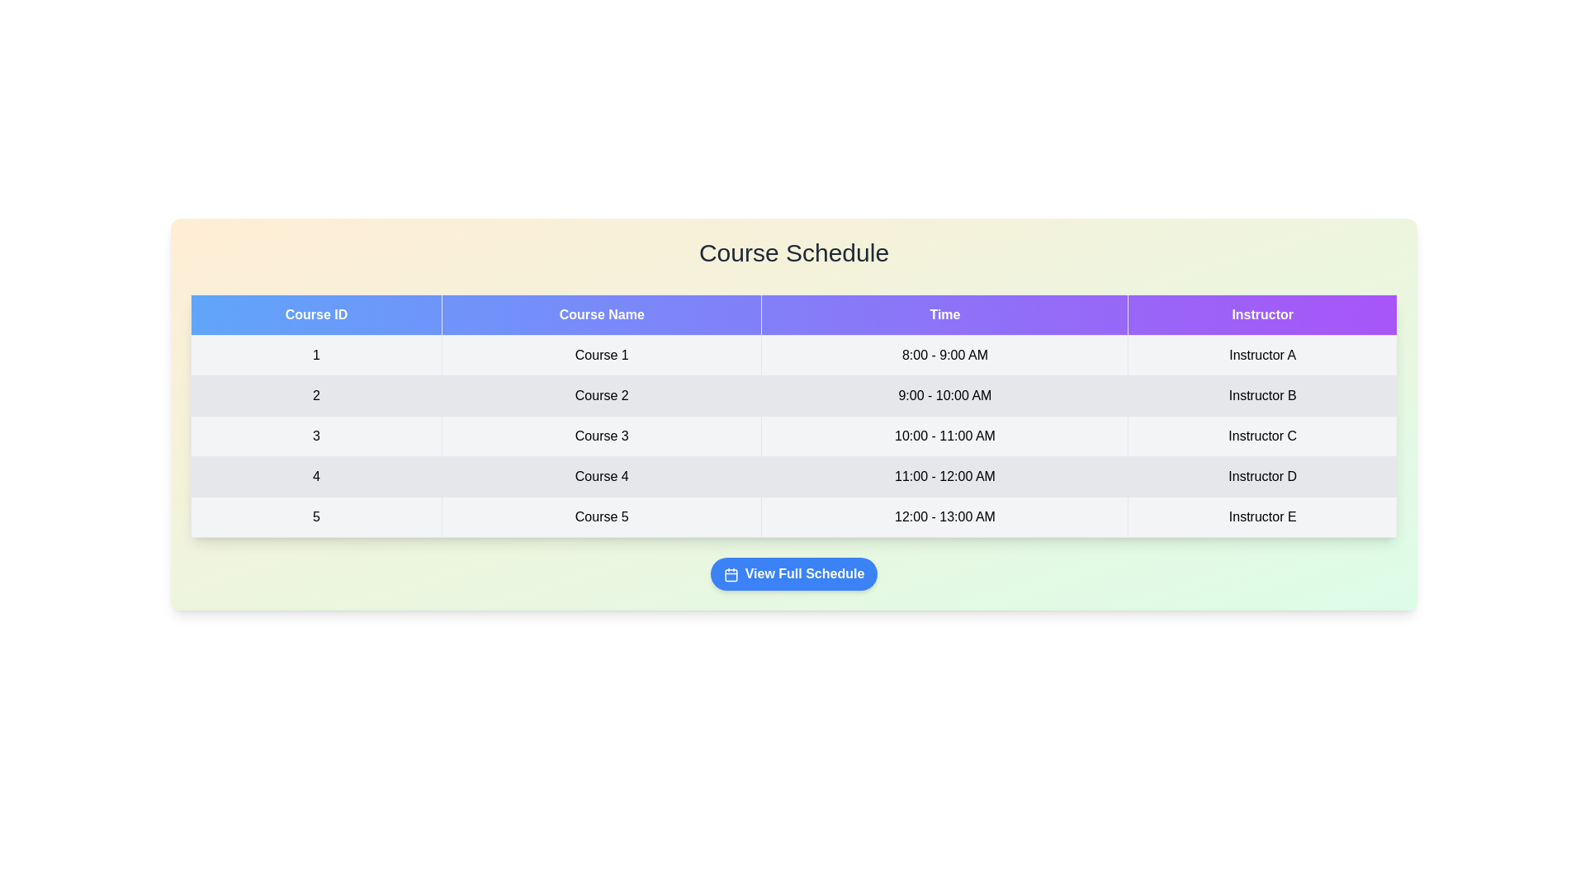 This screenshot has width=1585, height=891. I want to click on the row corresponding to 1, so click(793, 355).